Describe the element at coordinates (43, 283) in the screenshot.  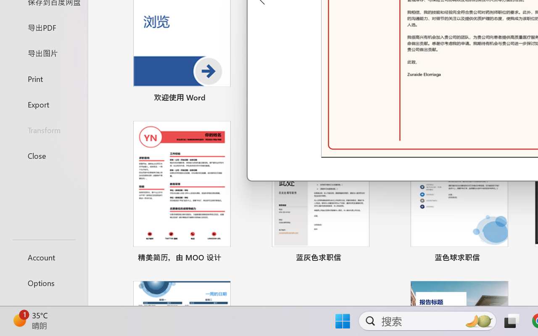
I see `'Options'` at that location.